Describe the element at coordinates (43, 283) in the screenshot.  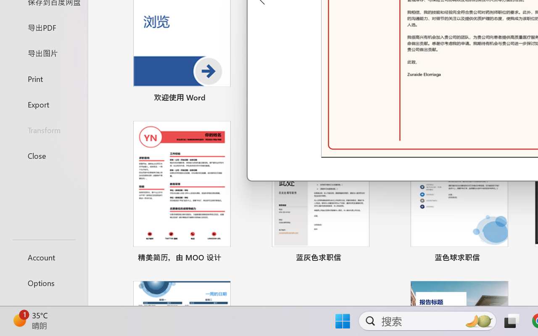
I see `'Options'` at that location.